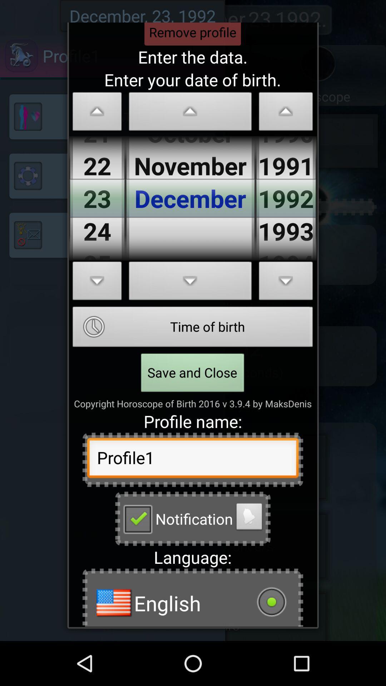 The image size is (386, 686). Describe the element at coordinates (97, 283) in the screenshot. I see `increase date of birth value` at that location.